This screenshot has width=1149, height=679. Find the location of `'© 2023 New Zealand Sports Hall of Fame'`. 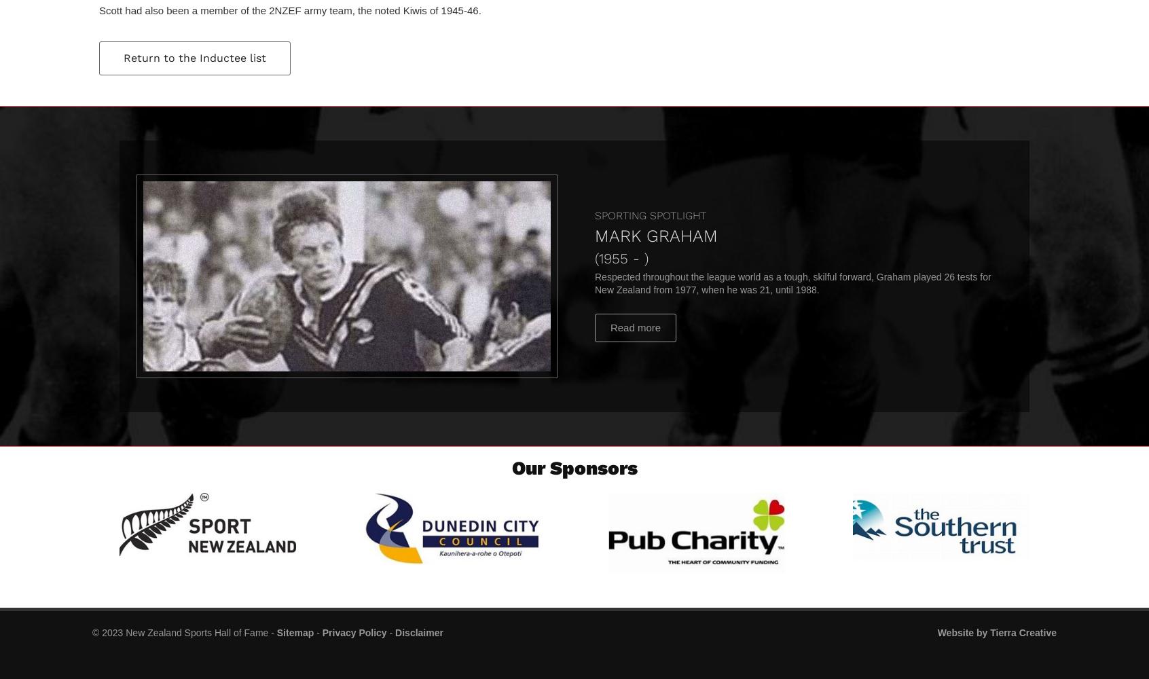

'© 2023 New Zealand Sports Hall of Fame' is located at coordinates (180, 632).